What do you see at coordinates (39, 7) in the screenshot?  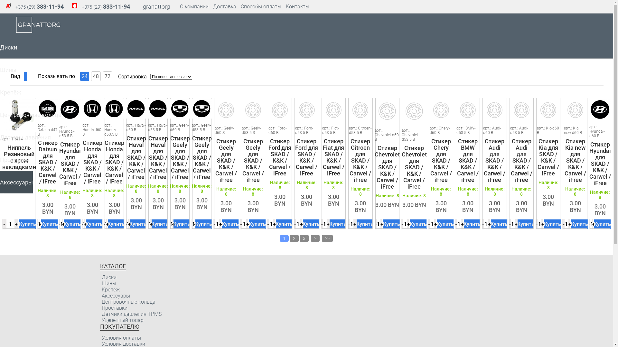 I see `'+375 (29) 383-11-94'` at bounding box center [39, 7].